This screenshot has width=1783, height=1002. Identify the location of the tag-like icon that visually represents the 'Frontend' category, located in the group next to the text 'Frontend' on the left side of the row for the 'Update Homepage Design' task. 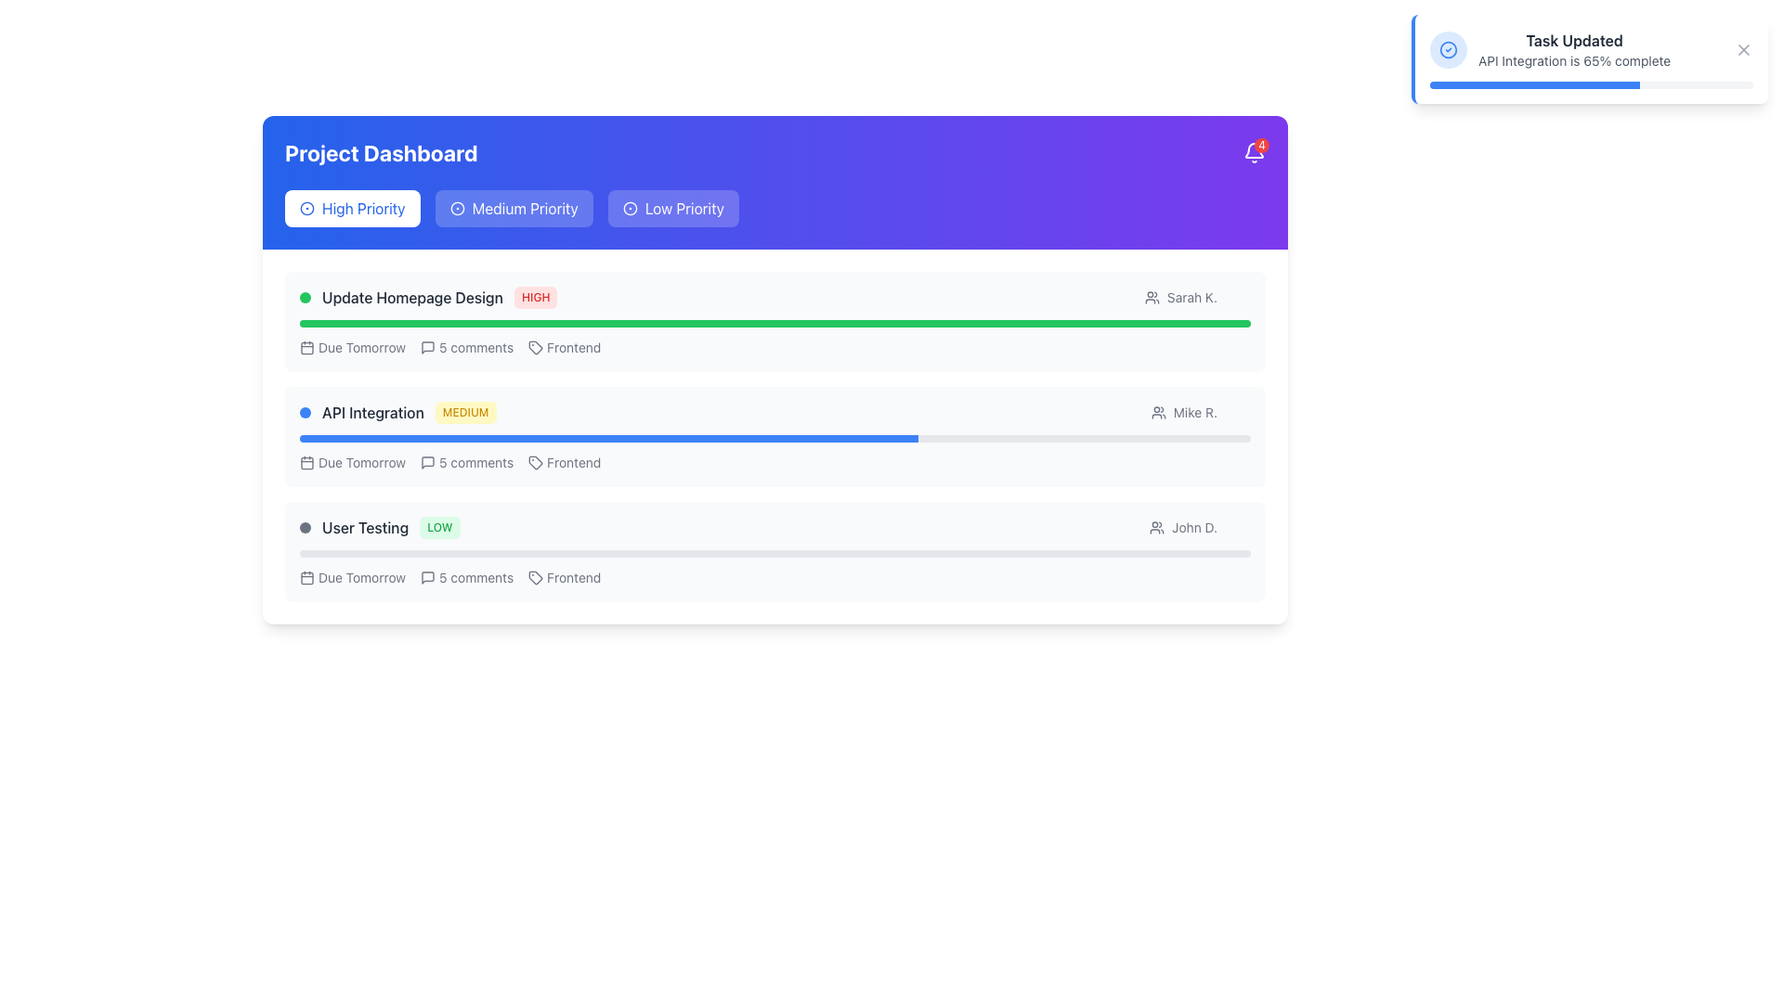
(535, 347).